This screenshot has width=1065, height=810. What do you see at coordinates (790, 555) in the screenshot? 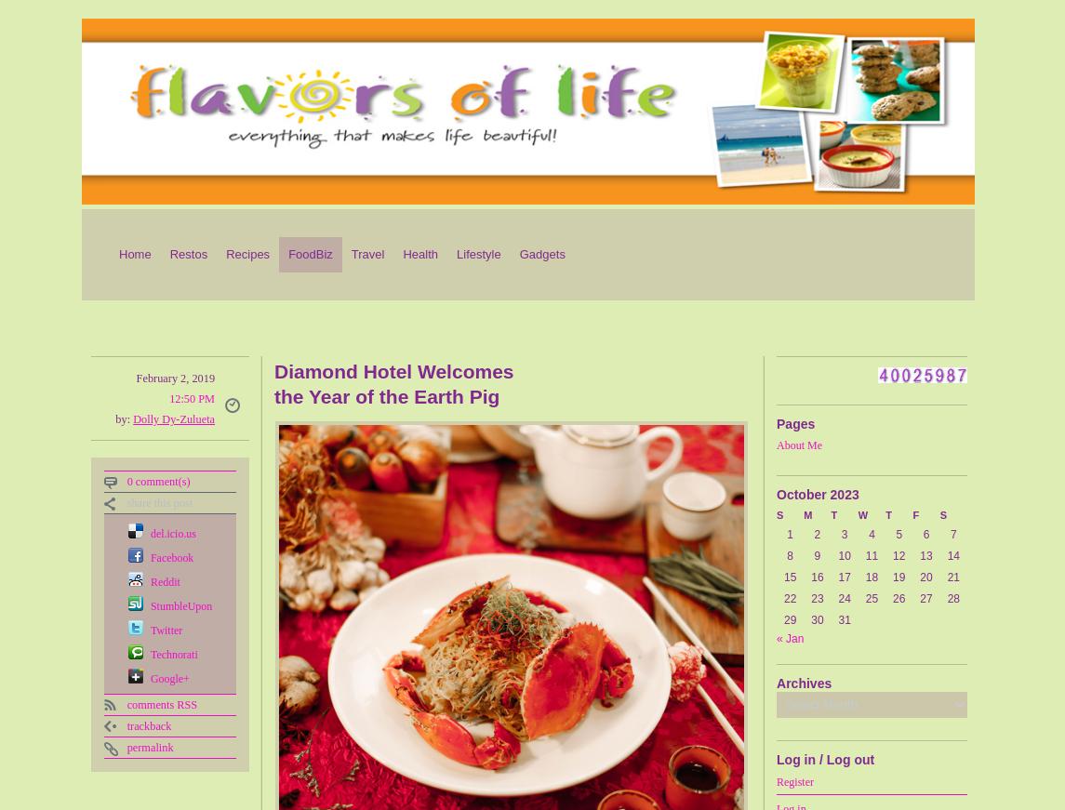
I see `'8'` at bounding box center [790, 555].